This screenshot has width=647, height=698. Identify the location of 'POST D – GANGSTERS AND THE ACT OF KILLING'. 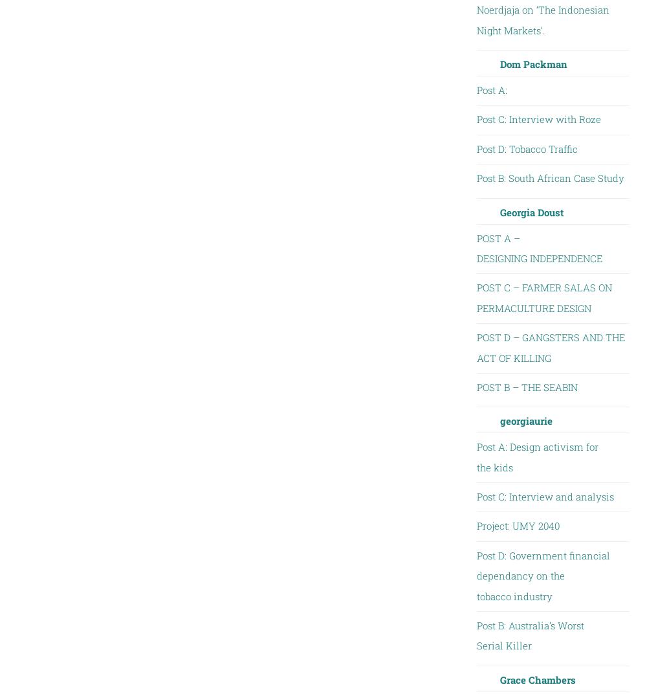
(549, 347).